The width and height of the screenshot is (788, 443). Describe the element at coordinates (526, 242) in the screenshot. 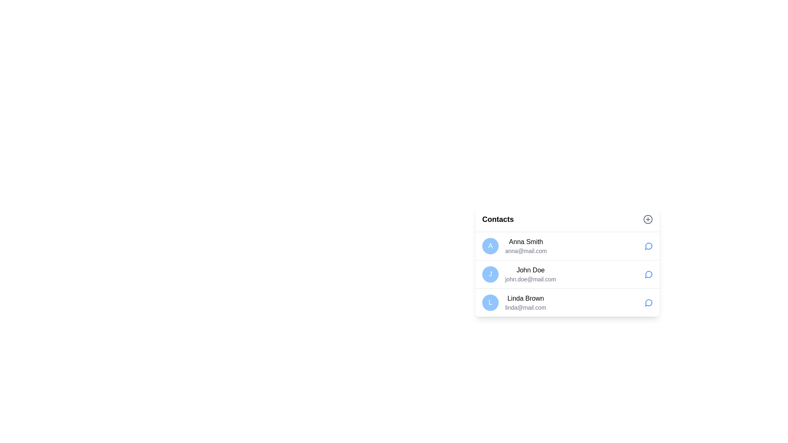

I see `the text label displaying the name 'Anna Smith', which is styled in black color and positioned at the top-left of the contact entry list` at that location.